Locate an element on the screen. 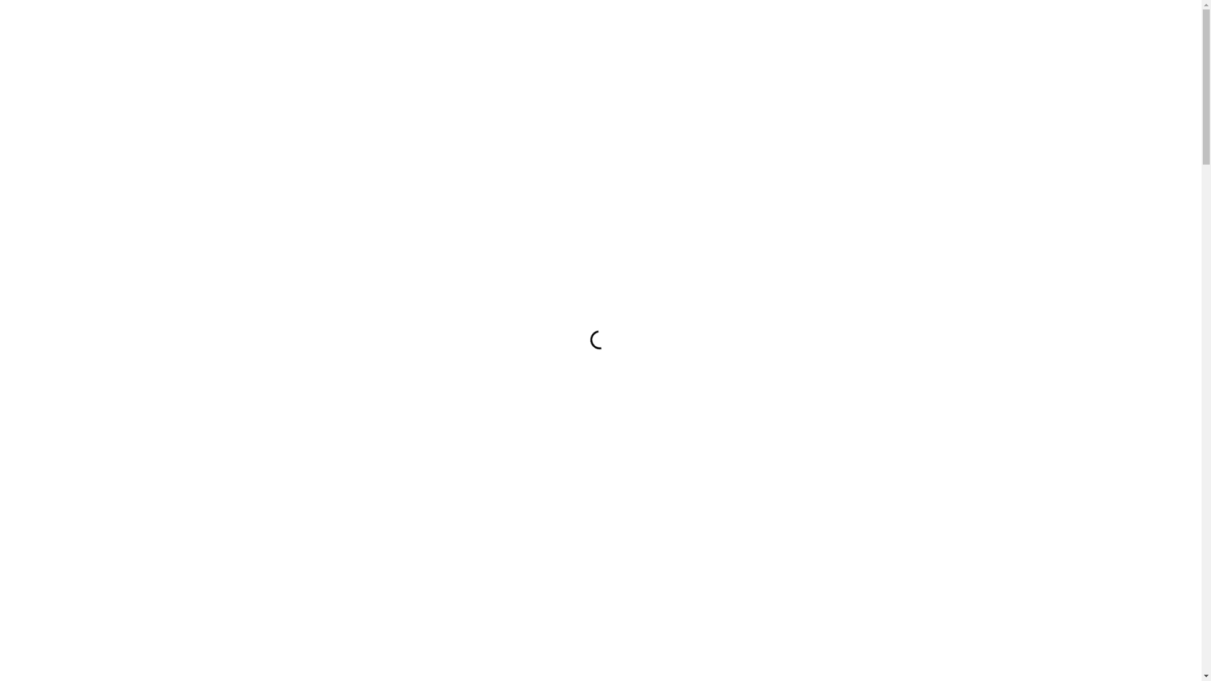 This screenshot has width=1211, height=681. 'Orchester' is located at coordinates (831, 323).